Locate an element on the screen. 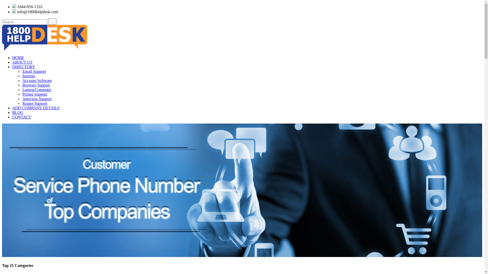 This screenshot has height=274, width=488. 'ABOUT US' is located at coordinates (12, 62).